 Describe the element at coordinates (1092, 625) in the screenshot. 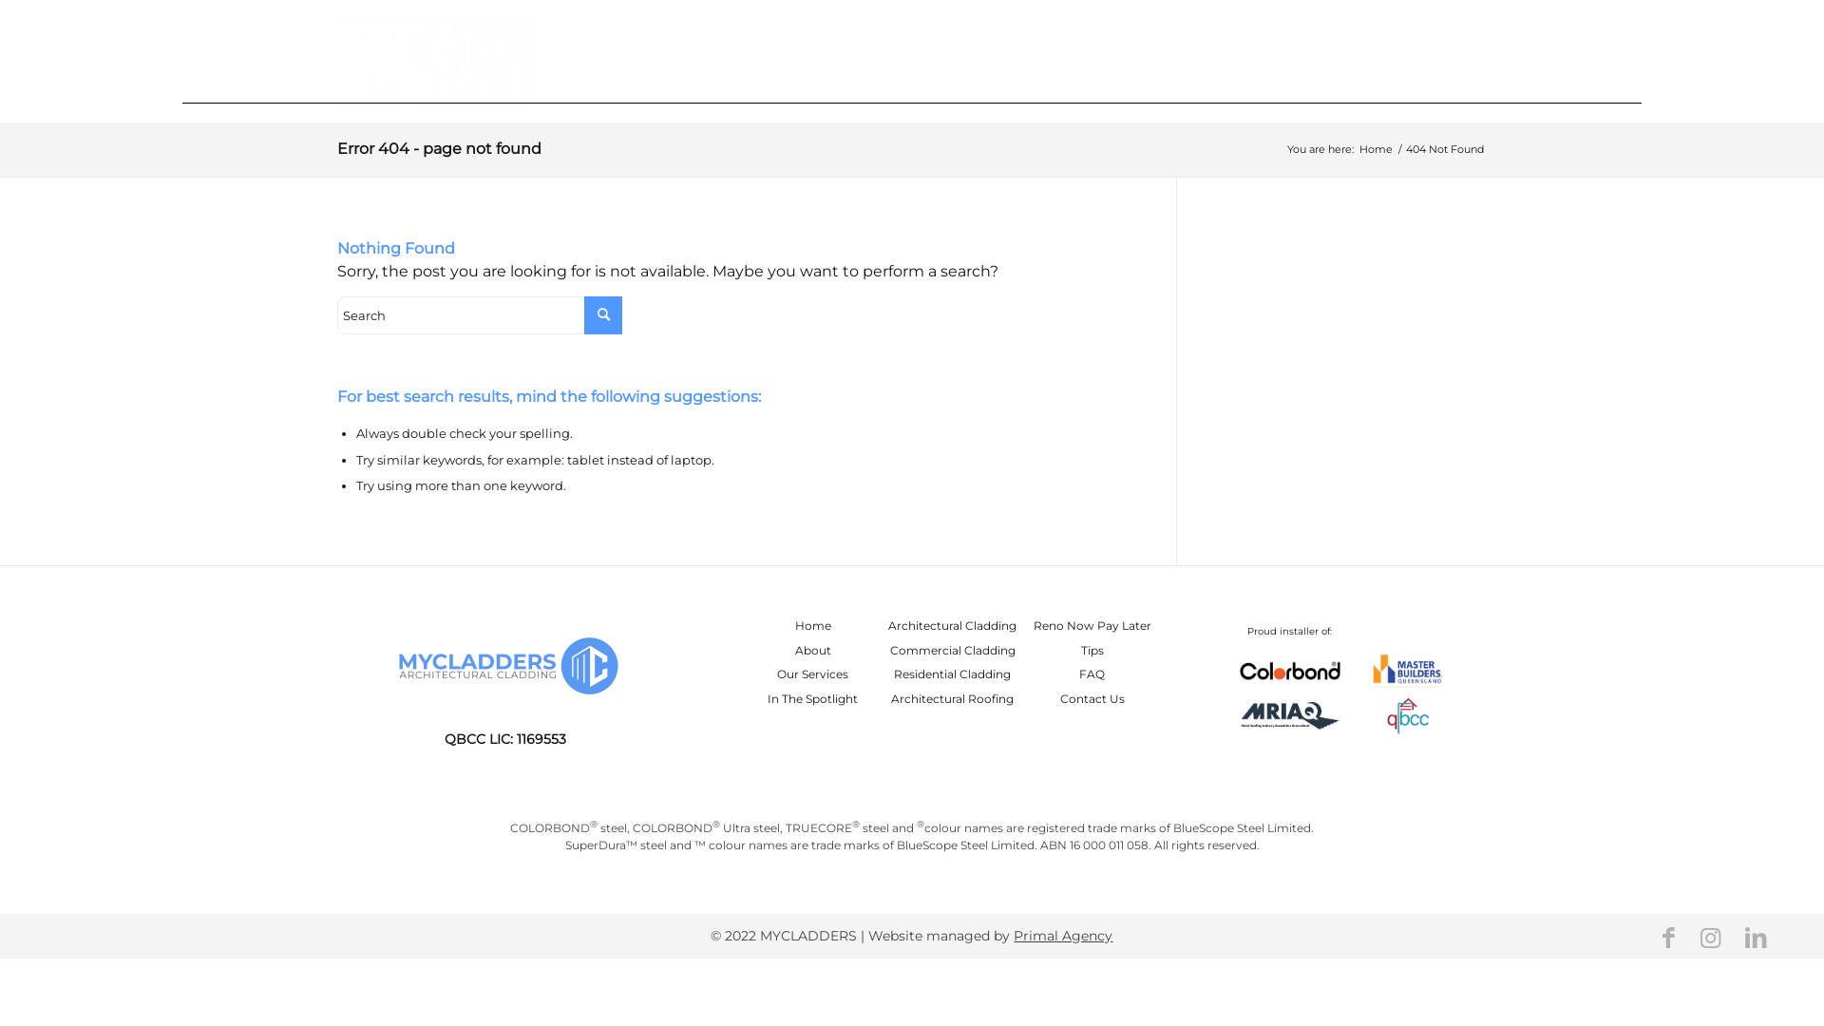

I see `'Reno Now Pay Later'` at that location.